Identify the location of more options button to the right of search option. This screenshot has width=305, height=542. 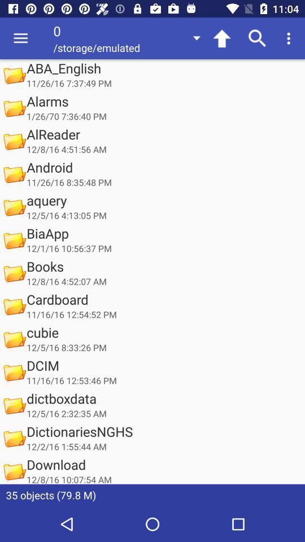
(290, 38).